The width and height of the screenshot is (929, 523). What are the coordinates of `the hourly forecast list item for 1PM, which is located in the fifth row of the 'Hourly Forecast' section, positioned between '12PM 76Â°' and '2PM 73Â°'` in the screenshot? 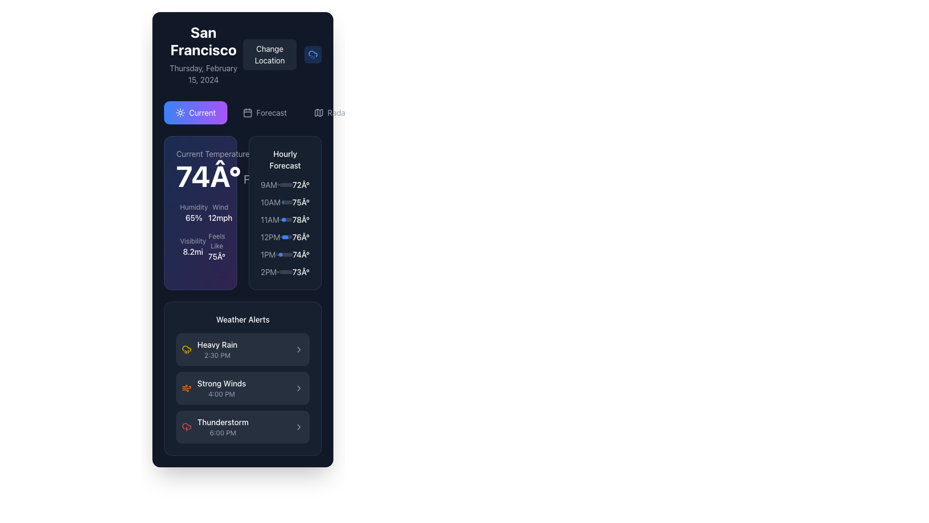 It's located at (285, 254).